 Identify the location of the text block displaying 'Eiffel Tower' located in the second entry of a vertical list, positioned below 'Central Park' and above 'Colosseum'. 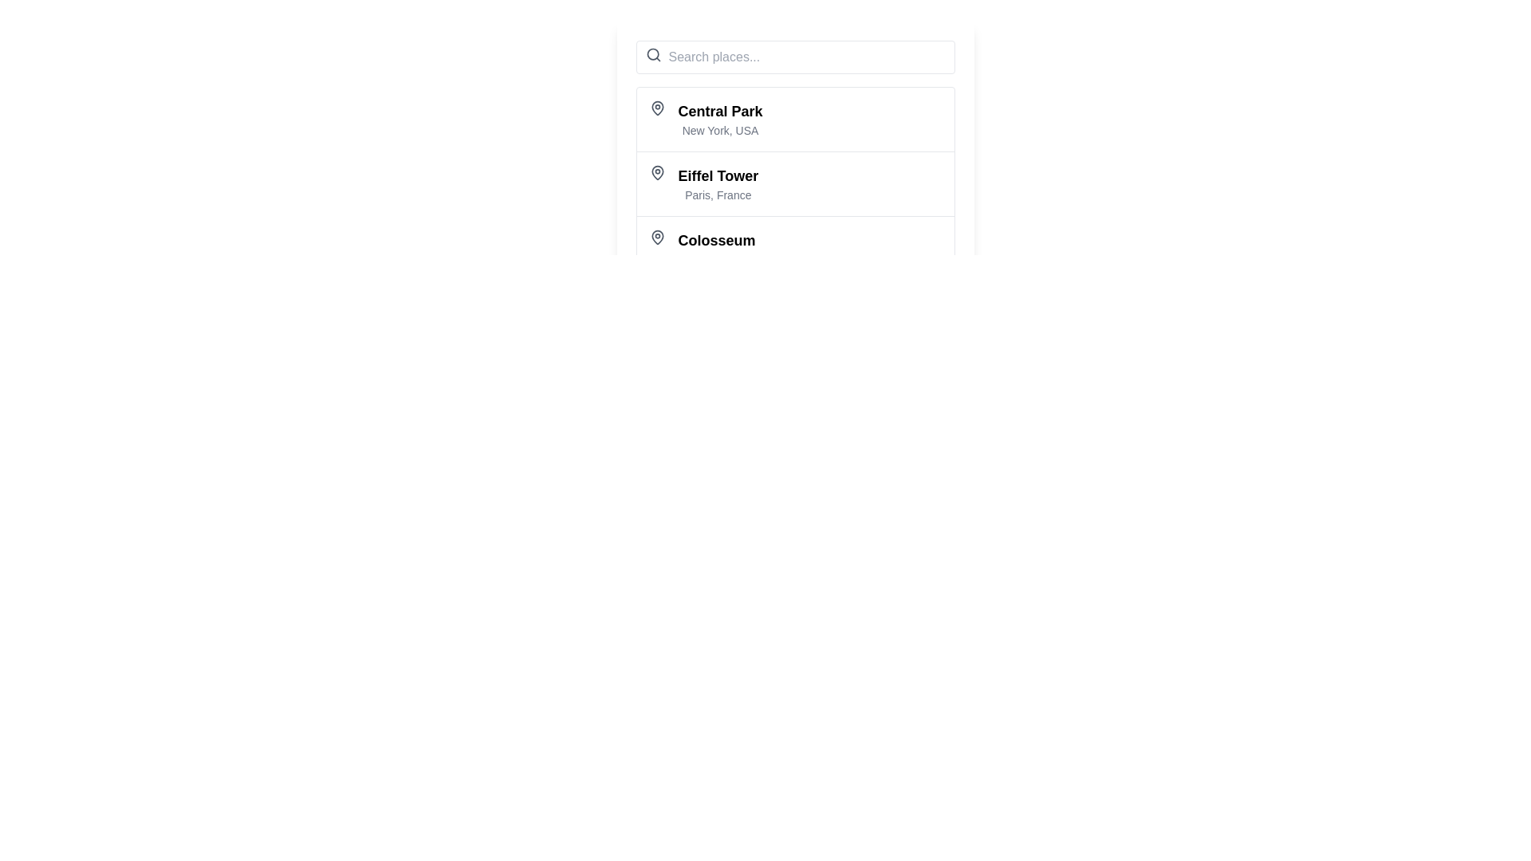
(717, 183).